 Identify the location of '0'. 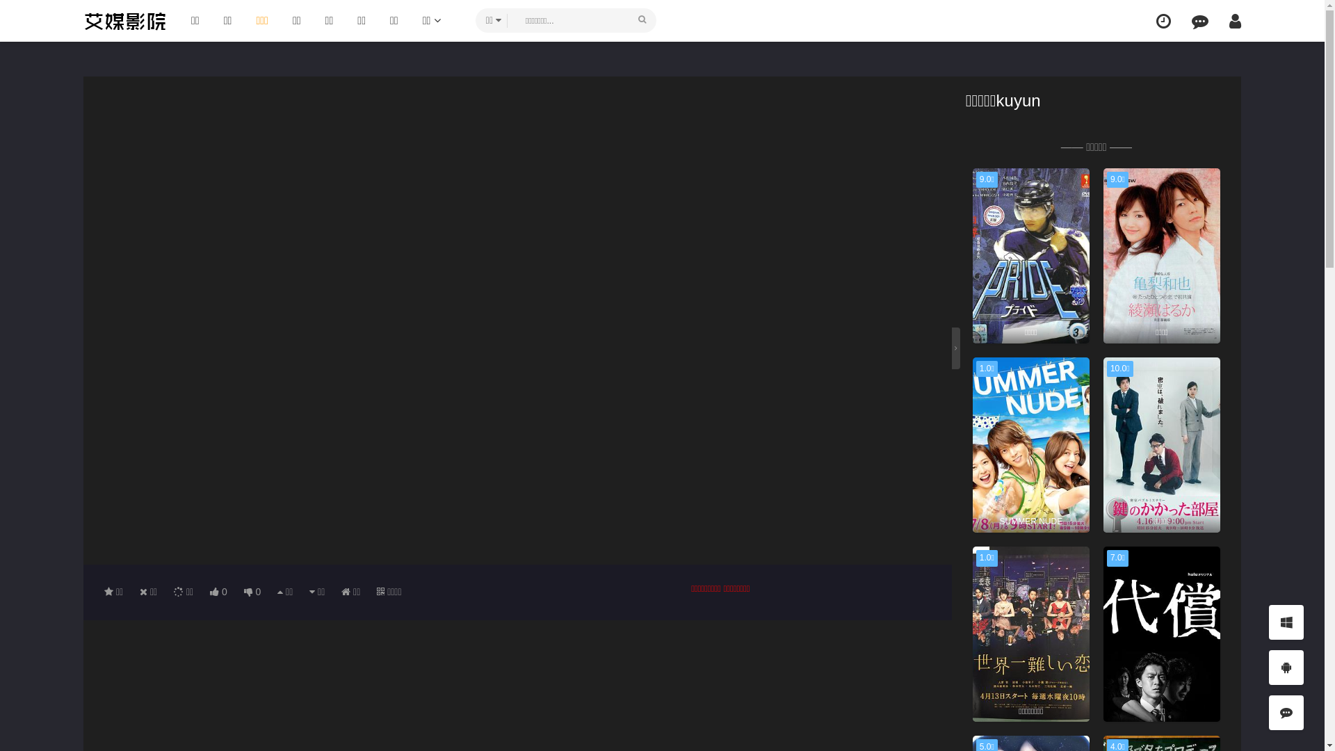
(218, 592).